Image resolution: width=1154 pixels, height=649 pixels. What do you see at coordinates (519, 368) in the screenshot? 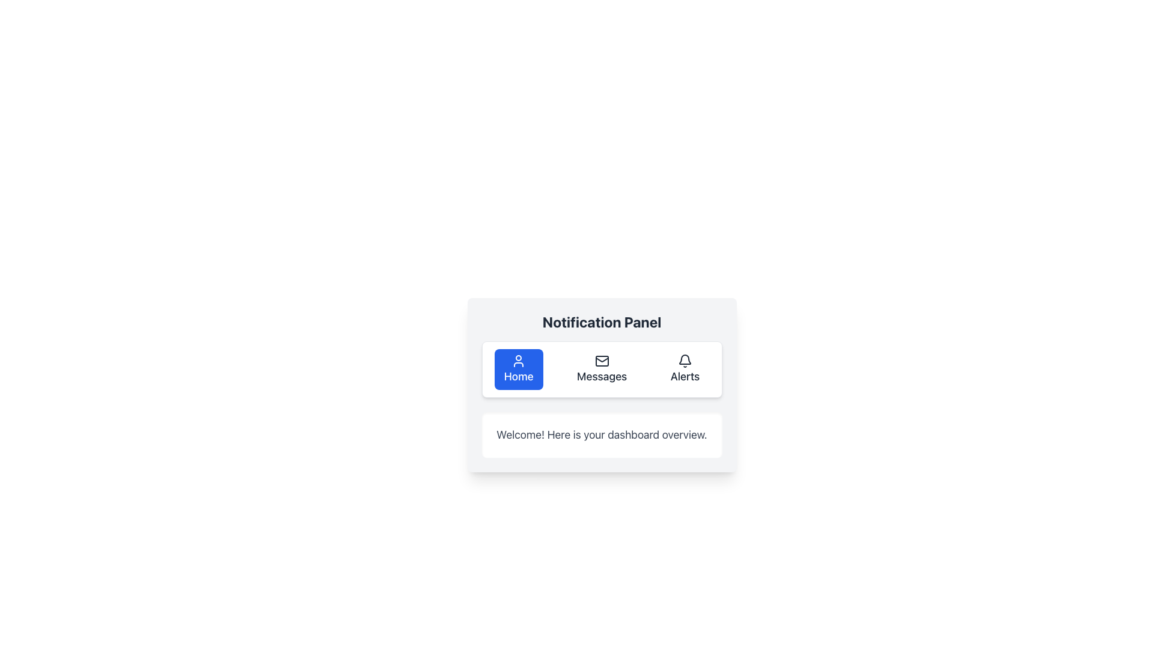
I see `the Home button in the Notification Panel` at bounding box center [519, 368].